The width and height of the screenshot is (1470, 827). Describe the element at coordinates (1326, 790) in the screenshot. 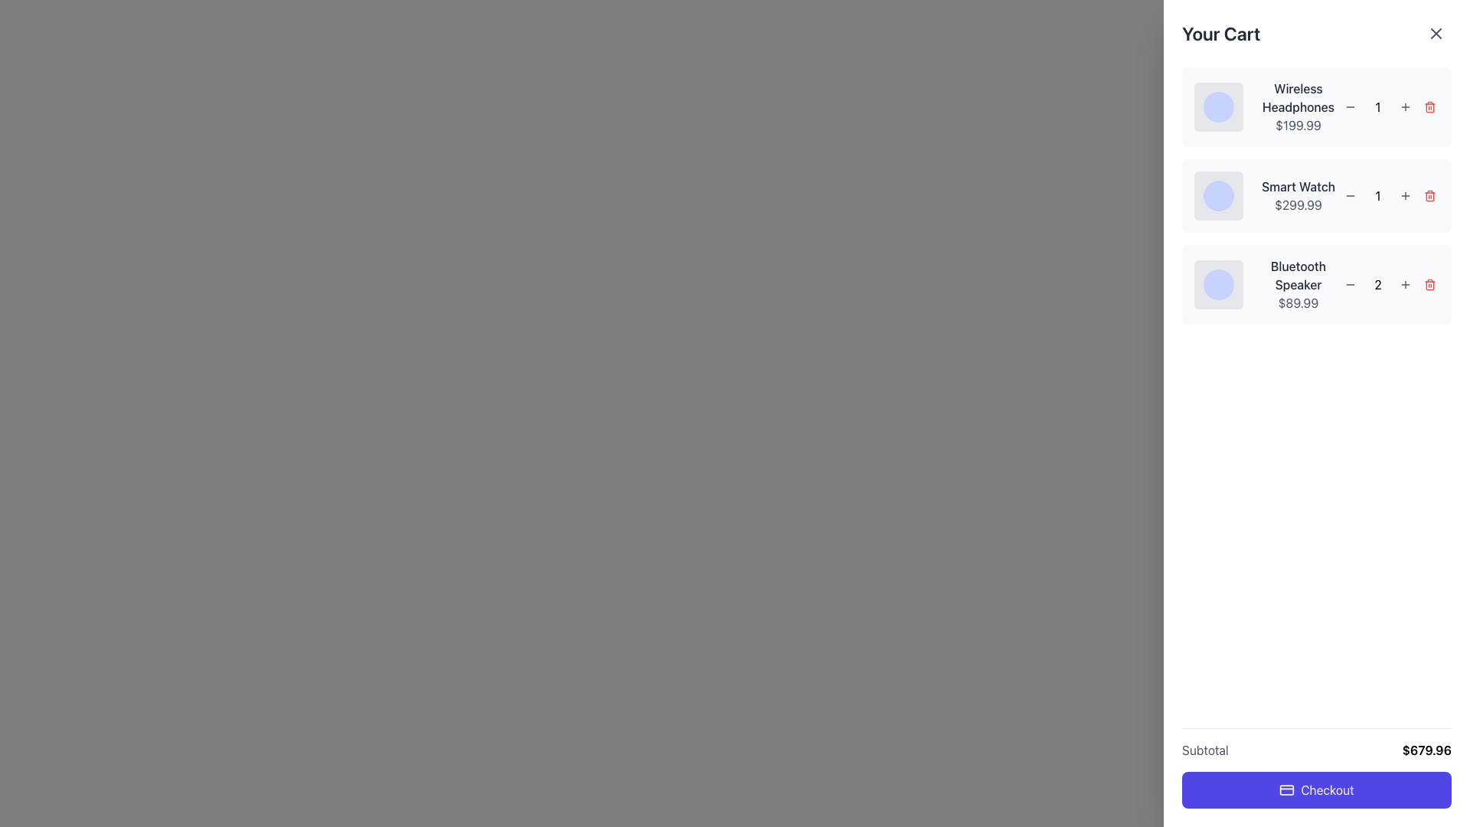

I see `the 'Checkout' text label within the blue button located at the bottom-right of the interface to finalize a transaction` at that location.